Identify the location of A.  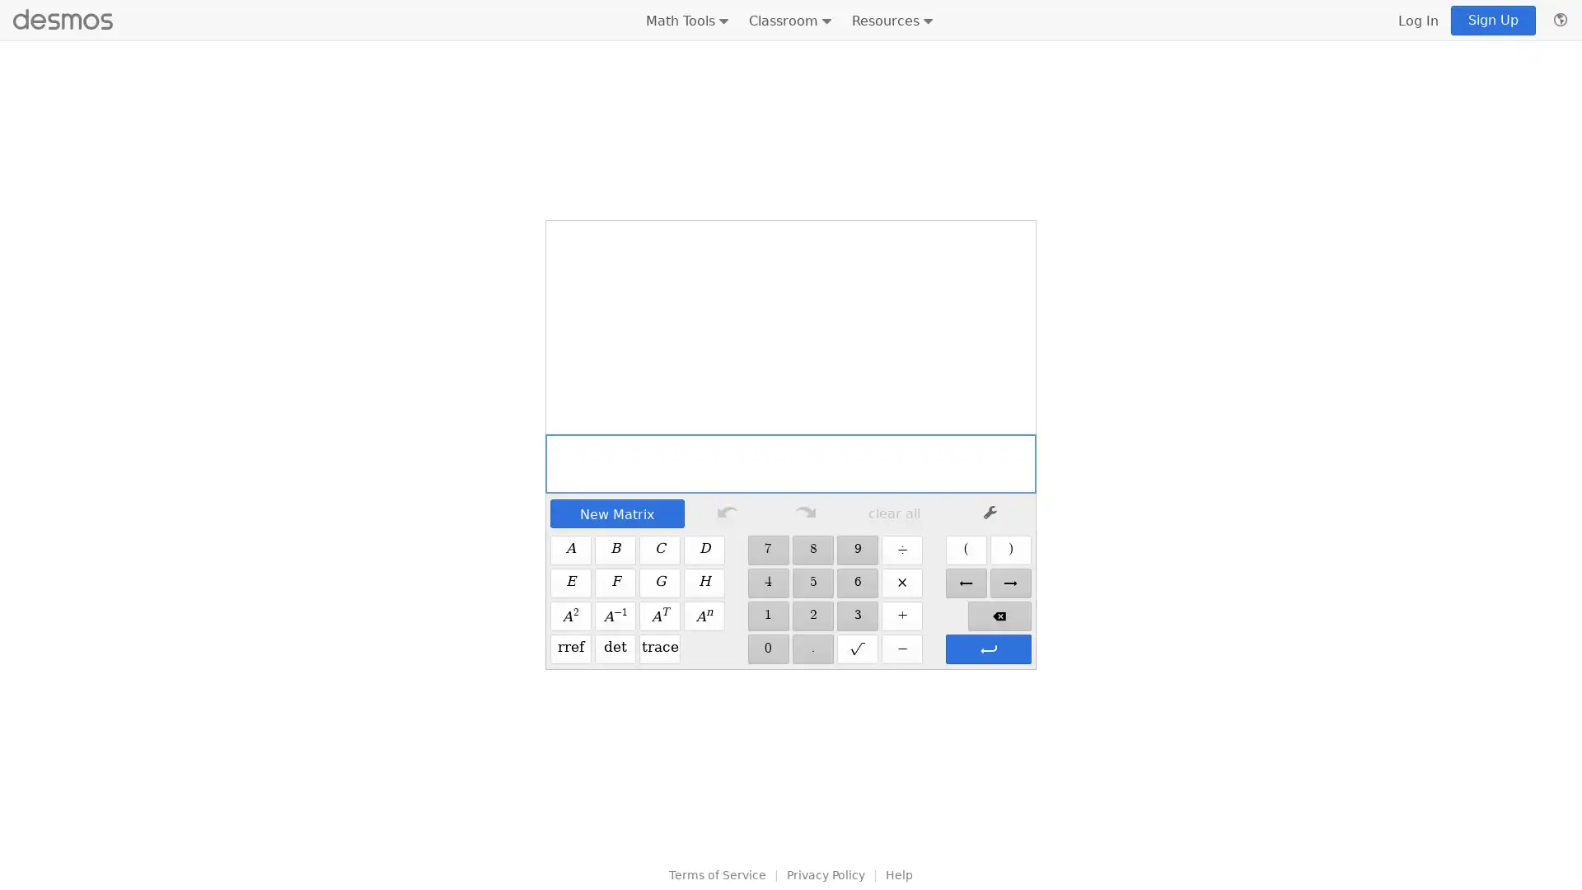
(570, 550).